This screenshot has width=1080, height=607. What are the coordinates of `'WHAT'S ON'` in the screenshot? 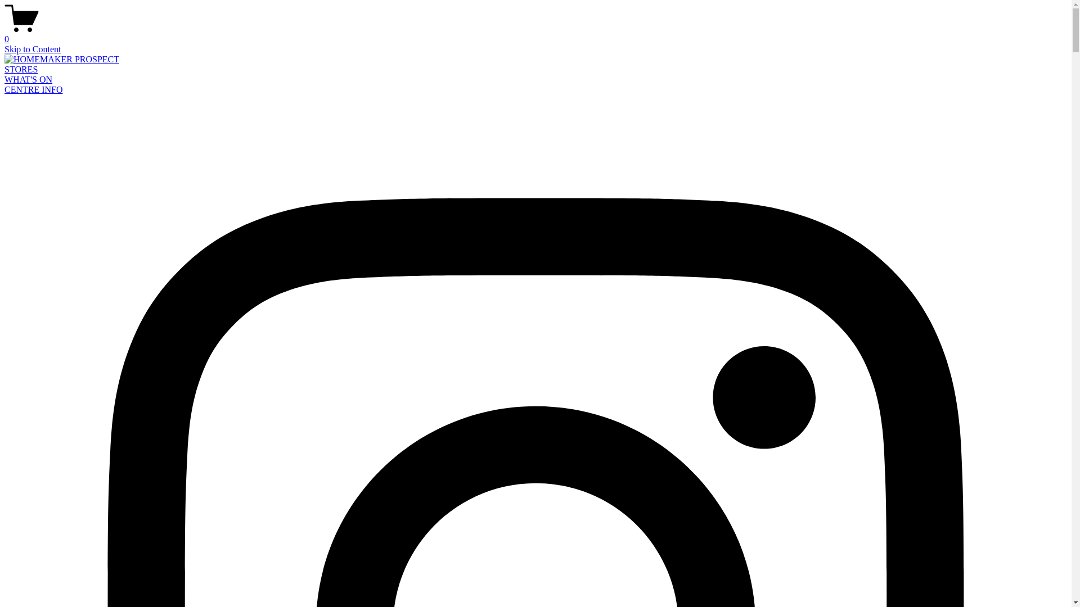 It's located at (28, 79).